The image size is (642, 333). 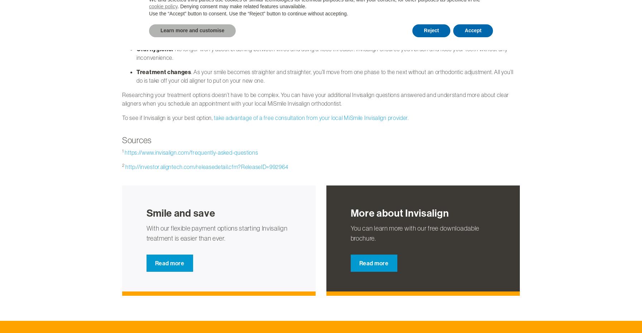 What do you see at coordinates (163, 6) in the screenshot?
I see `'cookie policy'` at bounding box center [163, 6].